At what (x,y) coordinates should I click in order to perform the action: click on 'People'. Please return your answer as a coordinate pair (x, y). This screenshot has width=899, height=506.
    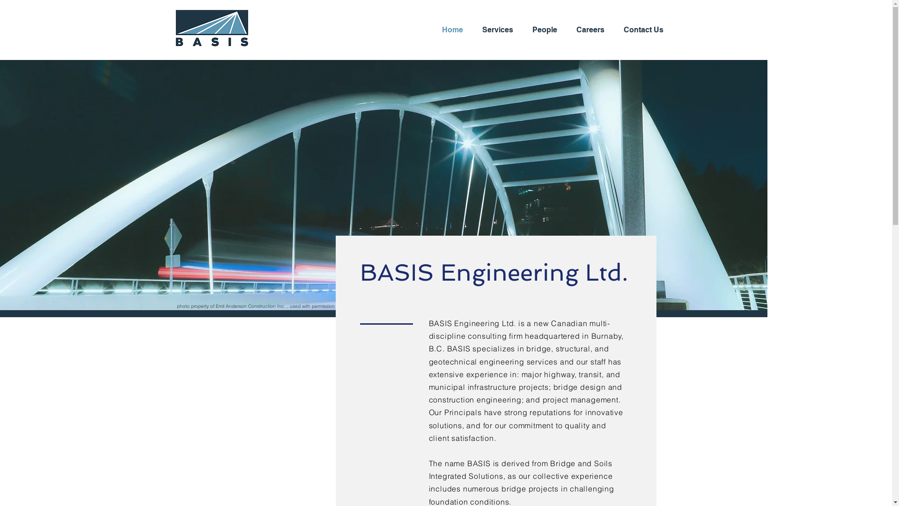
    Looking at the image, I should click on (547, 30).